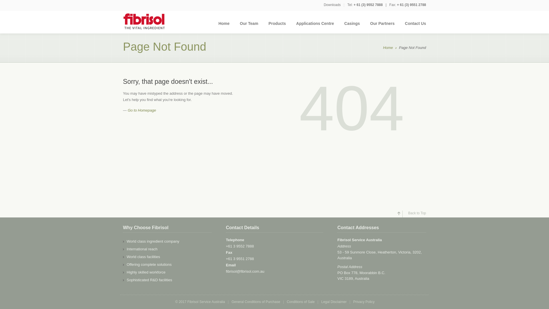 This screenshot has height=309, width=549. Describe the element at coordinates (291, 26) in the screenshot. I see `'Applications Centre'` at that location.